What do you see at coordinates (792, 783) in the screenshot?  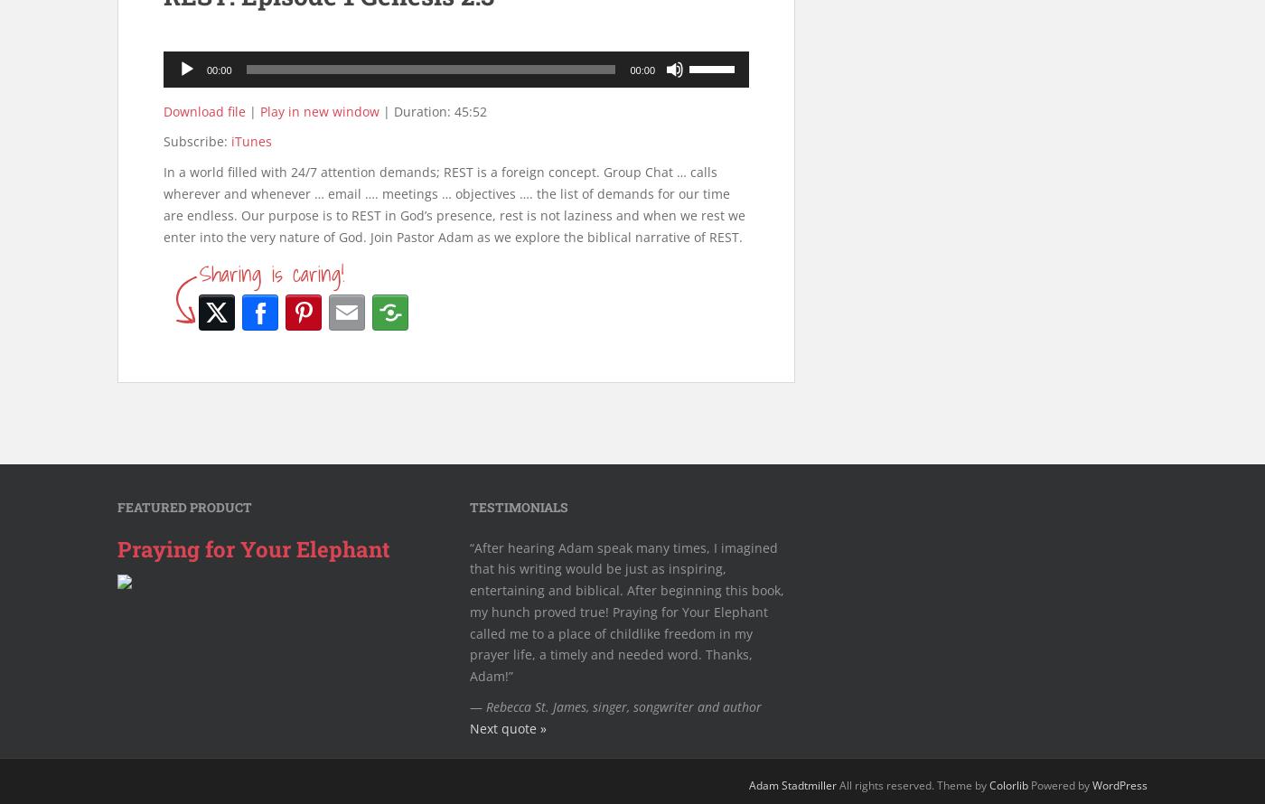 I see `'Adam Stadtmiller'` at bounding box center [792, 783].